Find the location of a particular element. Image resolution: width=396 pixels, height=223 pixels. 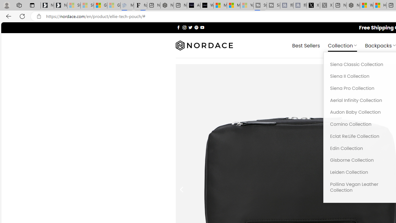

'Nordace' is located at coordinates (204, 45).